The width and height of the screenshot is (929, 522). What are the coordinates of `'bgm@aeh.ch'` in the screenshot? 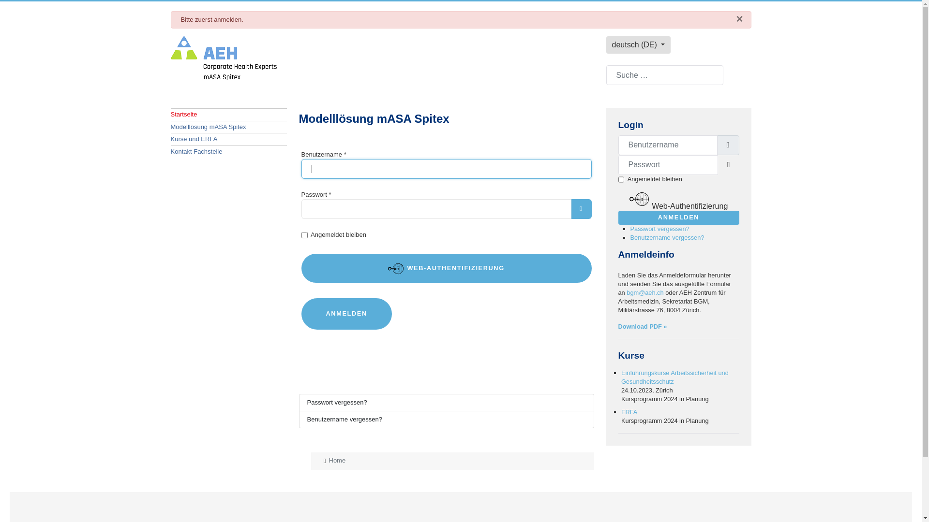 It's located at (645, 292).